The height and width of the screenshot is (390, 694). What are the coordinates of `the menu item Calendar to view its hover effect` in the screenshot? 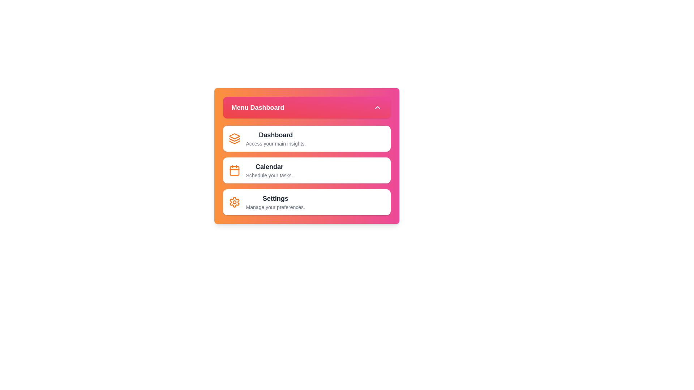 It's located at (307, 170).